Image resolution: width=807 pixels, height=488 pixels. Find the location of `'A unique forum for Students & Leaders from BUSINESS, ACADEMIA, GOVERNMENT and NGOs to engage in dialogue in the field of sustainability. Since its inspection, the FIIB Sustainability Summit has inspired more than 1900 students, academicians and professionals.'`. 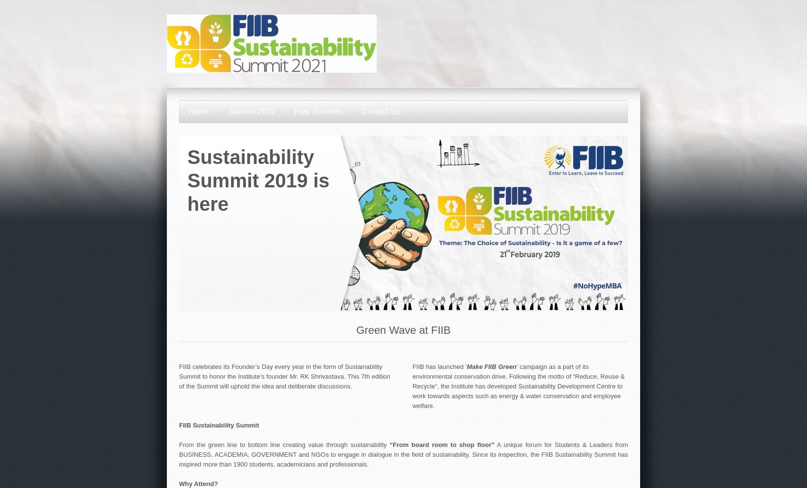

'A unique forum for Students & Leaders from BUSINESS, ACADEMIA, GOVERNMENT and NGOs to engage in dialogue in the field of sustainability. Since its inspection, the FIIB Sustainability Summit has inspired more than 1900 students, academicians and professionals.' is located at coordinates (403, 454).